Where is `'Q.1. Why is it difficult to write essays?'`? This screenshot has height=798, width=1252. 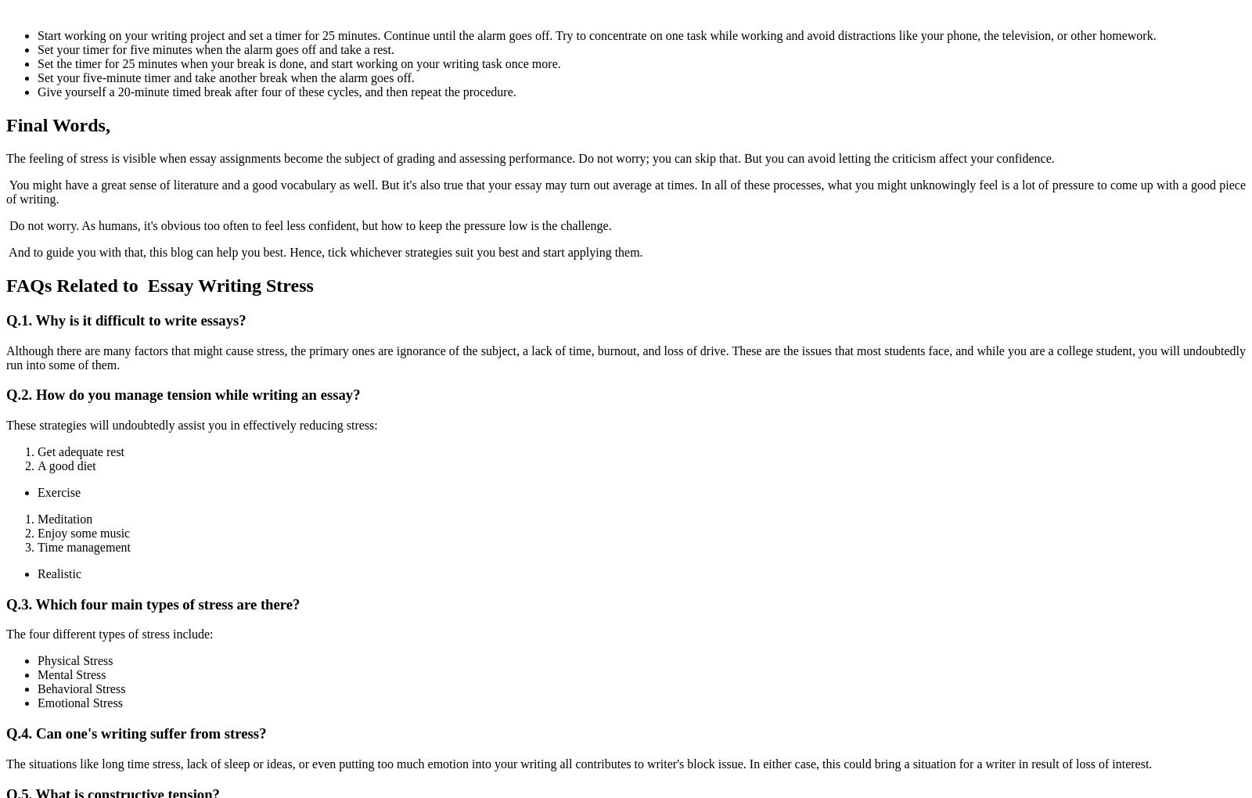
'Q.1. Why is it difficult to write essays?' is located at coordinates (124, 319).